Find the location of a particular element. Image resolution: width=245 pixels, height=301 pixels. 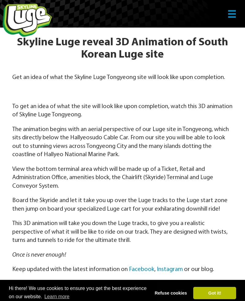

'Skyline Luge reveal 3D Animation of South Korean Luge site' is located at coordinates (123, 48).